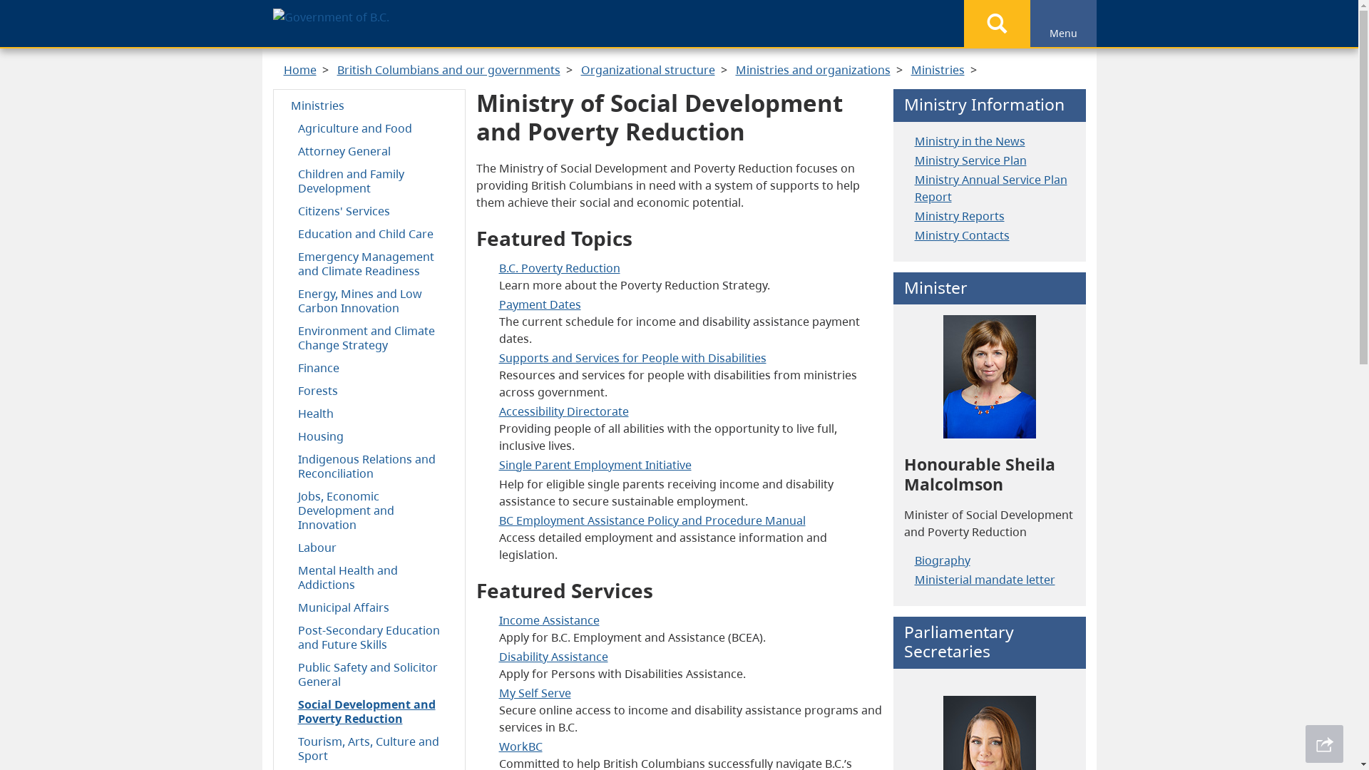  What do you see at coordinates (970, 160) in the screenshot?
I see `'Ministry Service Plan'` at bounding box center [970, 160].